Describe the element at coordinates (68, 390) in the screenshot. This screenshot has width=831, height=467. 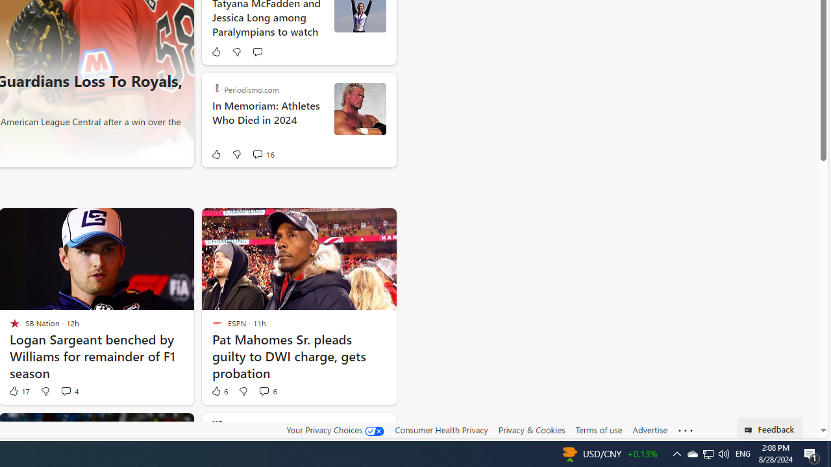
I see `'View comments 4 Comment'` at that location.